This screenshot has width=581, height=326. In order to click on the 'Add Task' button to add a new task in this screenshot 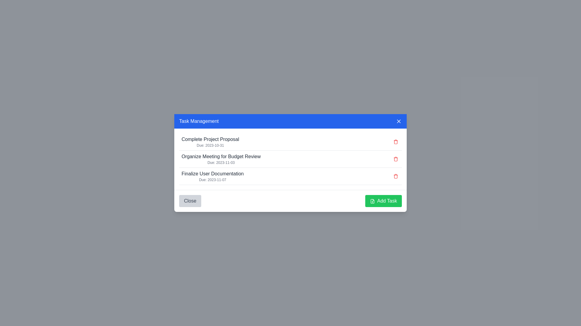, I will do `click(383, 201)`.